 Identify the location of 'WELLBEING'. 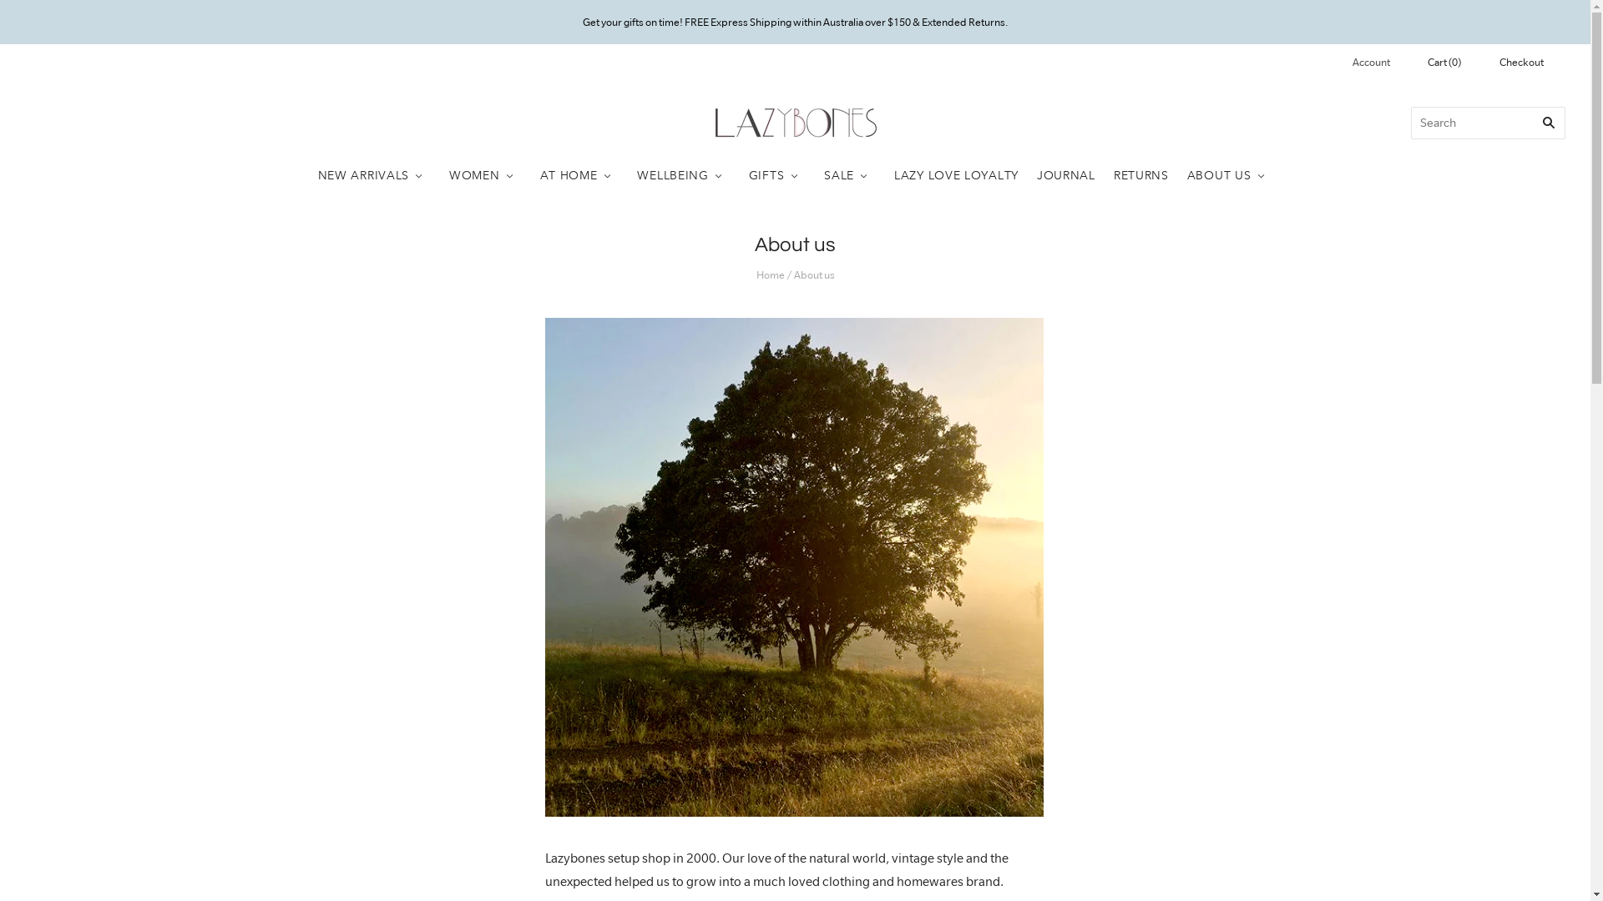
(683, 175).